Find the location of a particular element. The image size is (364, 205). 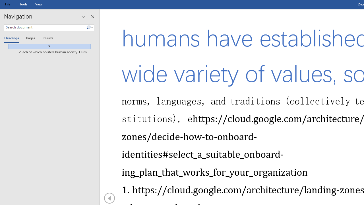

'Pages' is located at coordinates (30, 38).